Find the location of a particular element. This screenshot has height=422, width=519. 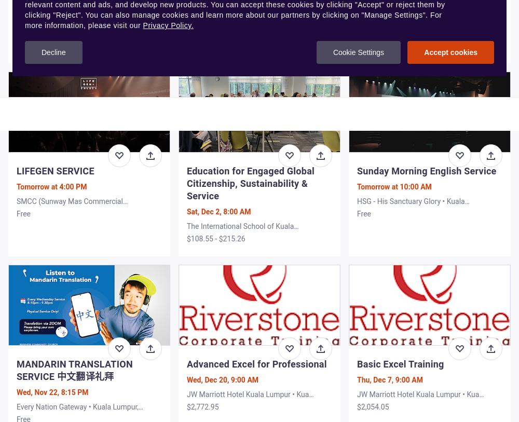

'Pullman Kuala Lumpur Bangsar • Kuala Lumpur, Wilayah Persekutuan Kuala Lumpur' is located at coordinates (79, 43).